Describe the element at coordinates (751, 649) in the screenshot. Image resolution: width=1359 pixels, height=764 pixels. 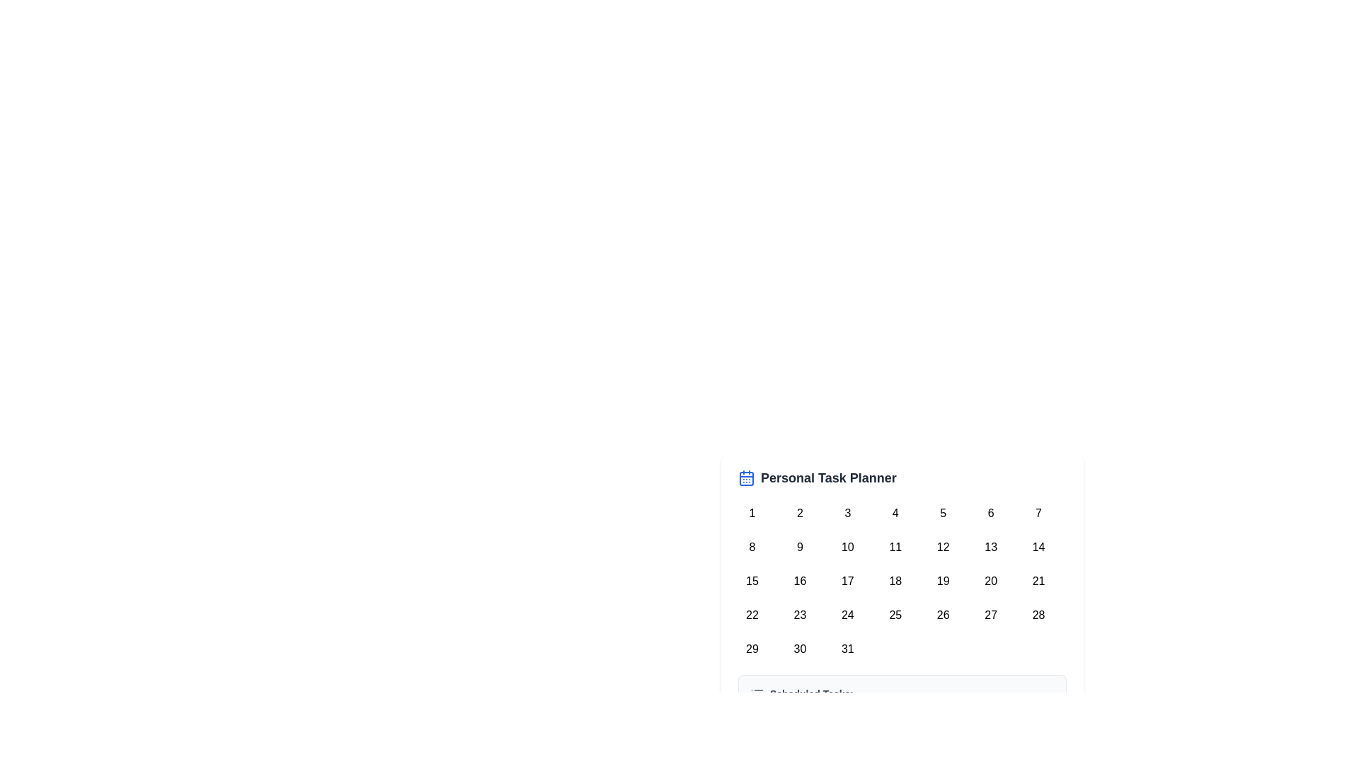
I see `the day selector button for the date '29' in the Personal Task Planner calendar to change its background color` at that location.